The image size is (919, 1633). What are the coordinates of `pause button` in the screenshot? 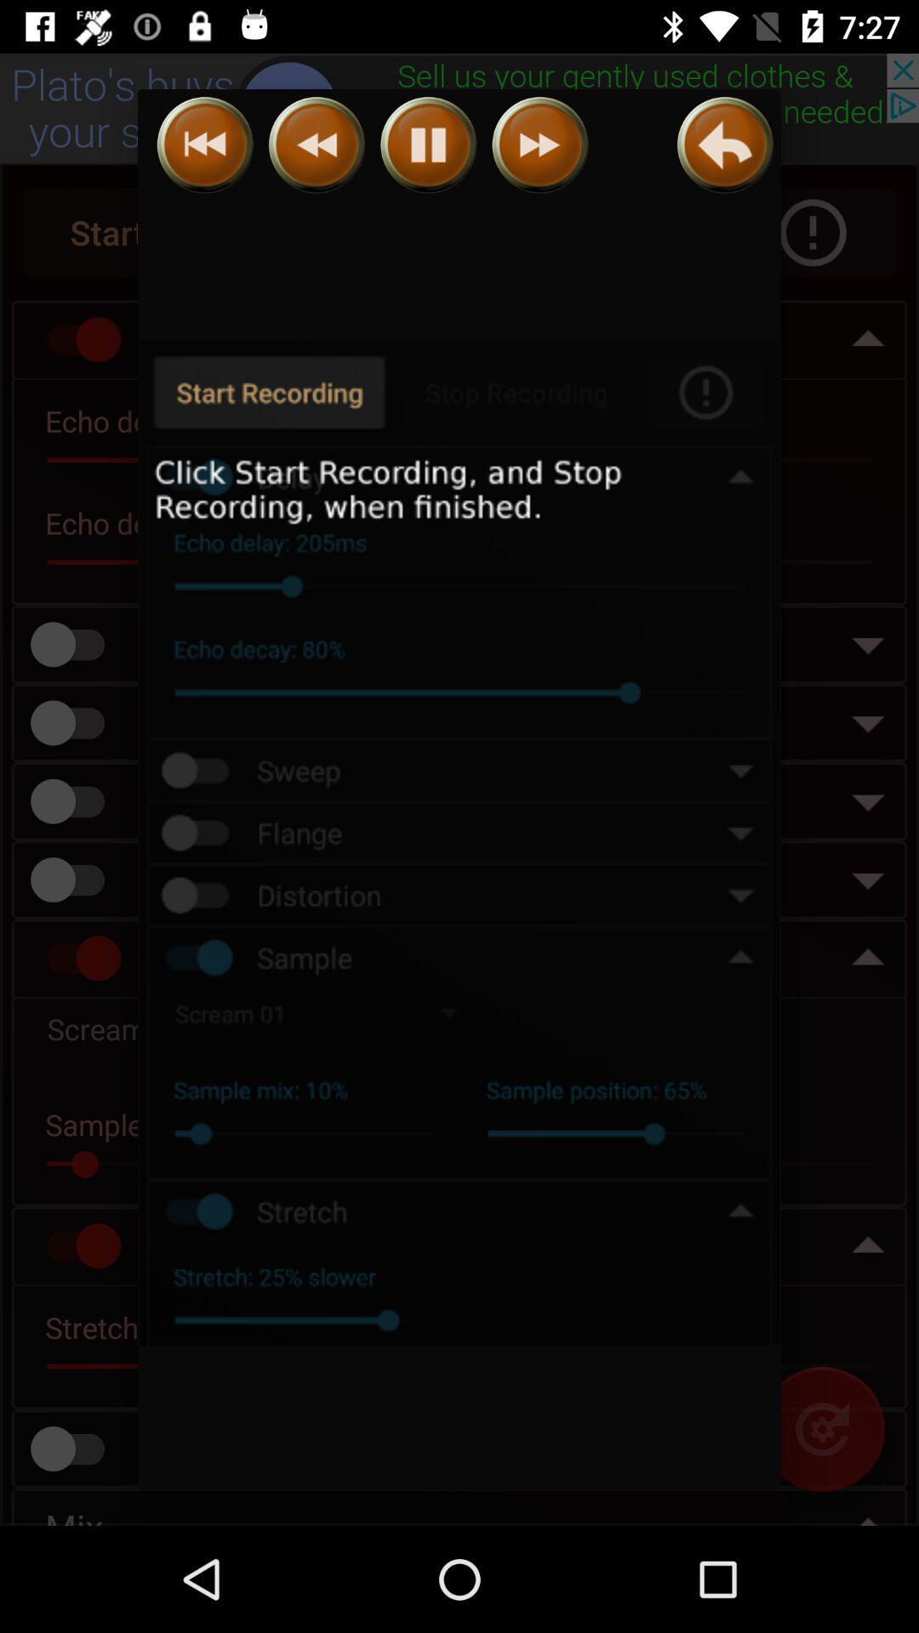 It's located at (427, 145).